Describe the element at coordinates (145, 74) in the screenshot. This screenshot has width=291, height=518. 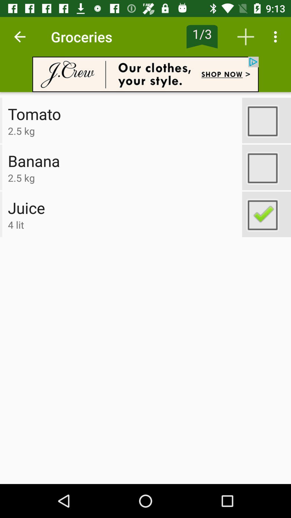
I see `advertisement` at that location.